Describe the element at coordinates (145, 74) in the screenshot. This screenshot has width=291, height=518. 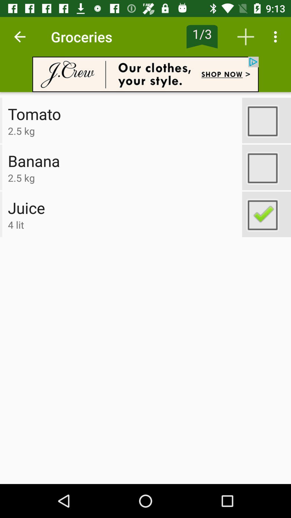
I see `advertisement` at that location.